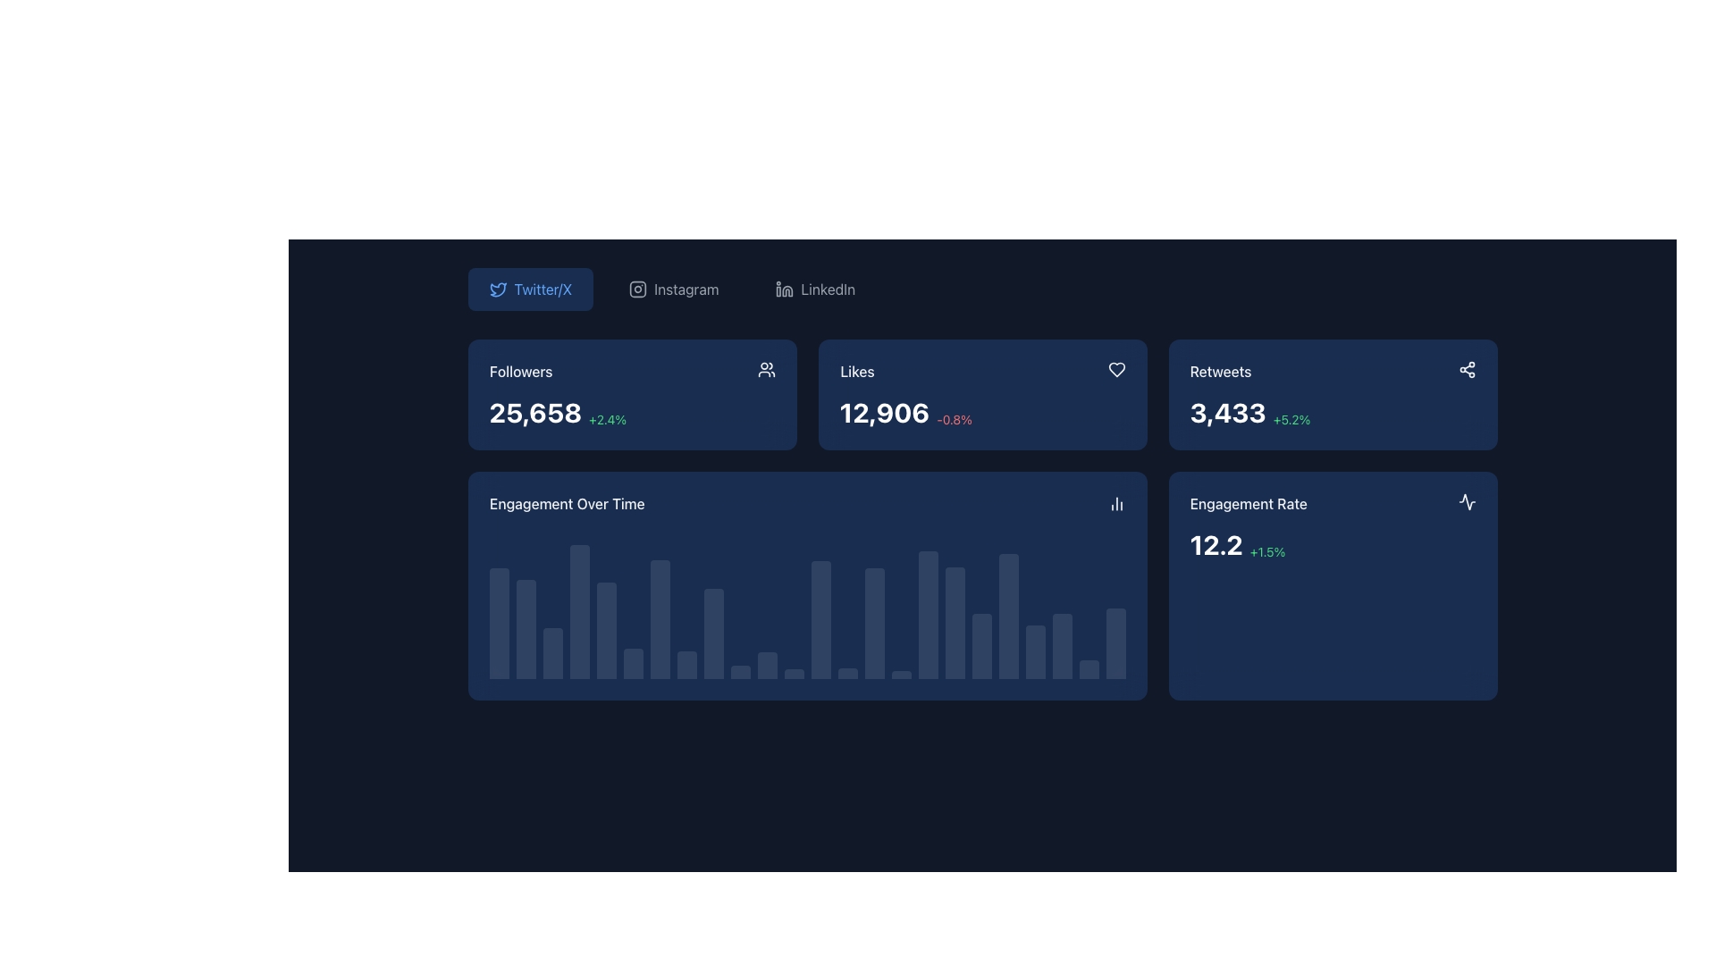  I want to click on the displayed bold numeric text '25,658' in white color over a dark blue background within the 'Followers' card located in the top-left section of the interface, so click(534, 413).